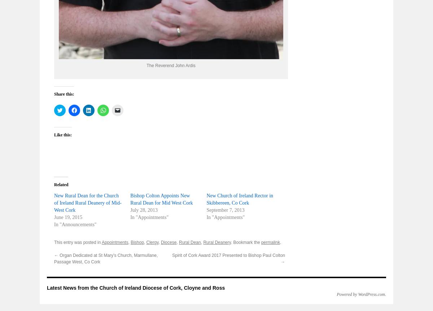  I want to click on 'Related', so click(61, 184).